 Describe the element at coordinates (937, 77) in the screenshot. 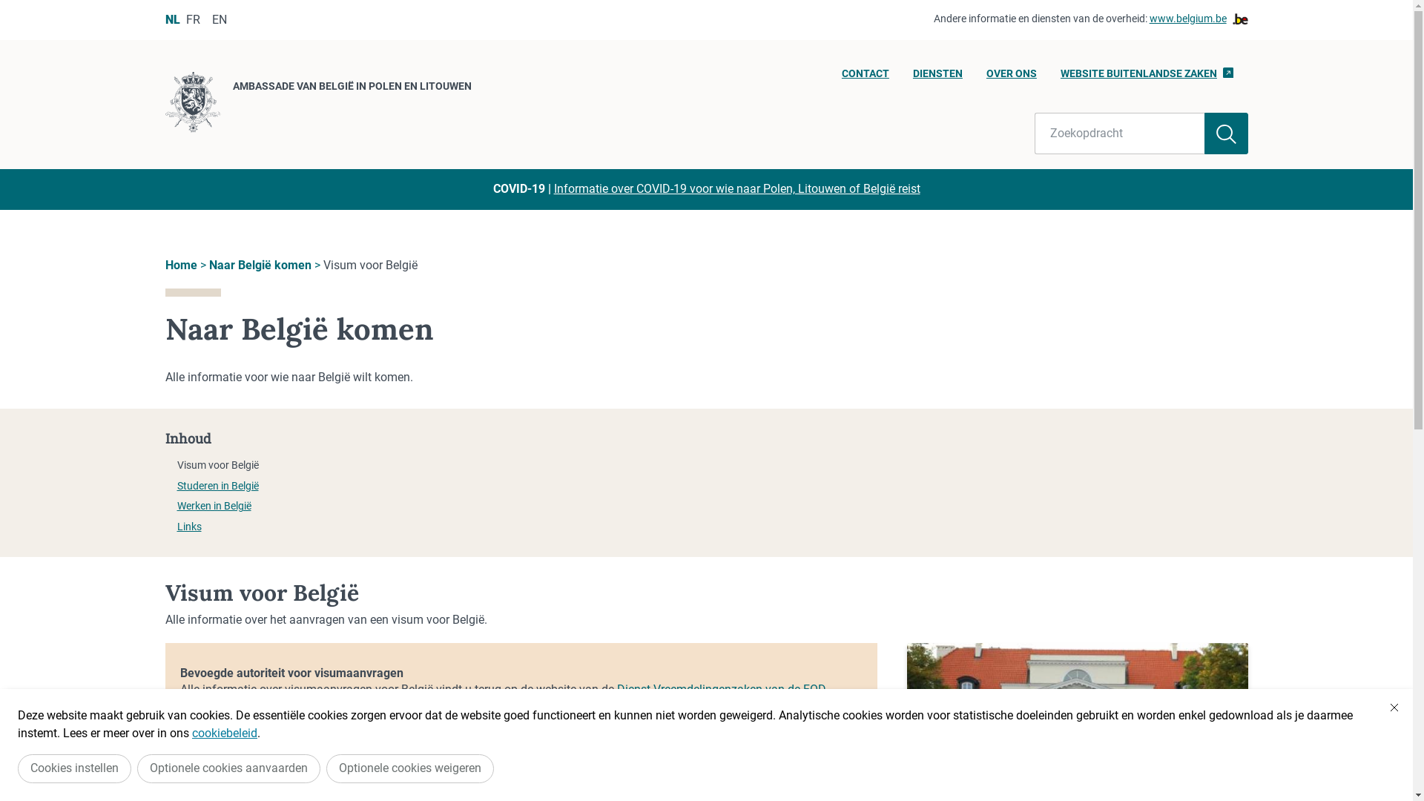

I see `'DIENSTEN'` at that location.